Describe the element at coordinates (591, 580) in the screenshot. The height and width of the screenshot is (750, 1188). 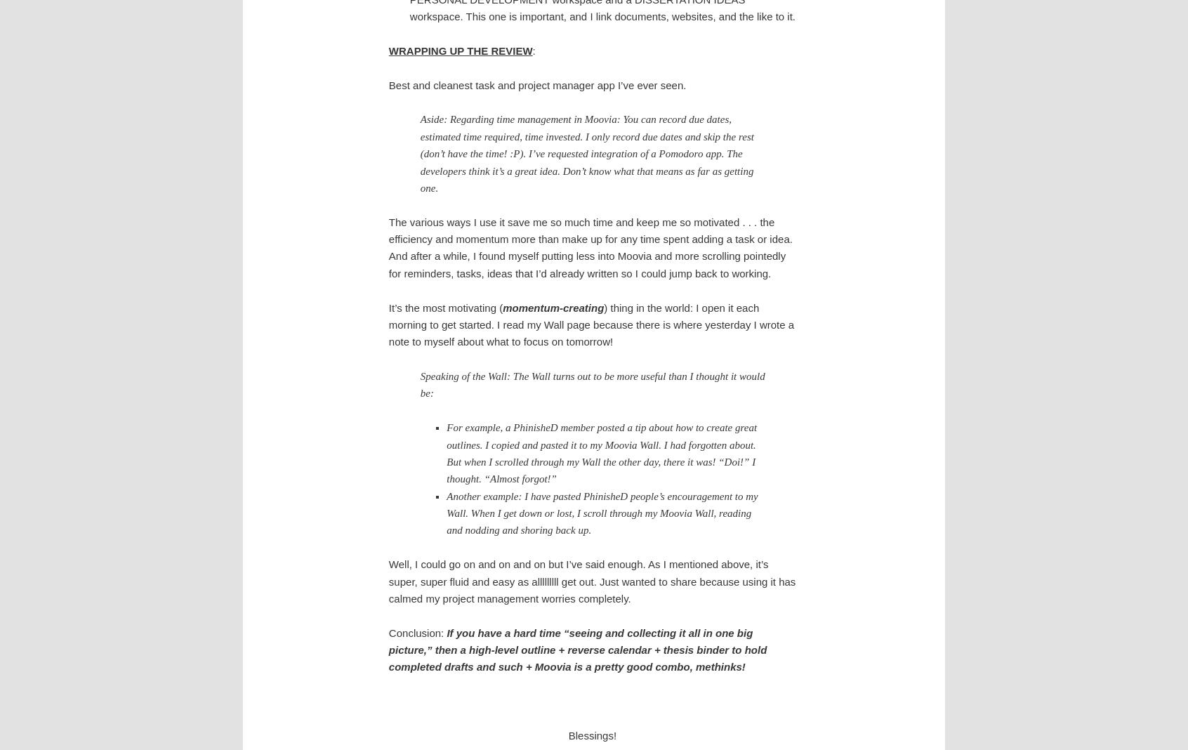
I see `'Well, I could go on and on and on but I’ve said enough. As I mentioned above, it’s super, super fluid and easy as alllllllll get out. Just wanted to share because using it has calmed my project management worries completely.'` at that location.